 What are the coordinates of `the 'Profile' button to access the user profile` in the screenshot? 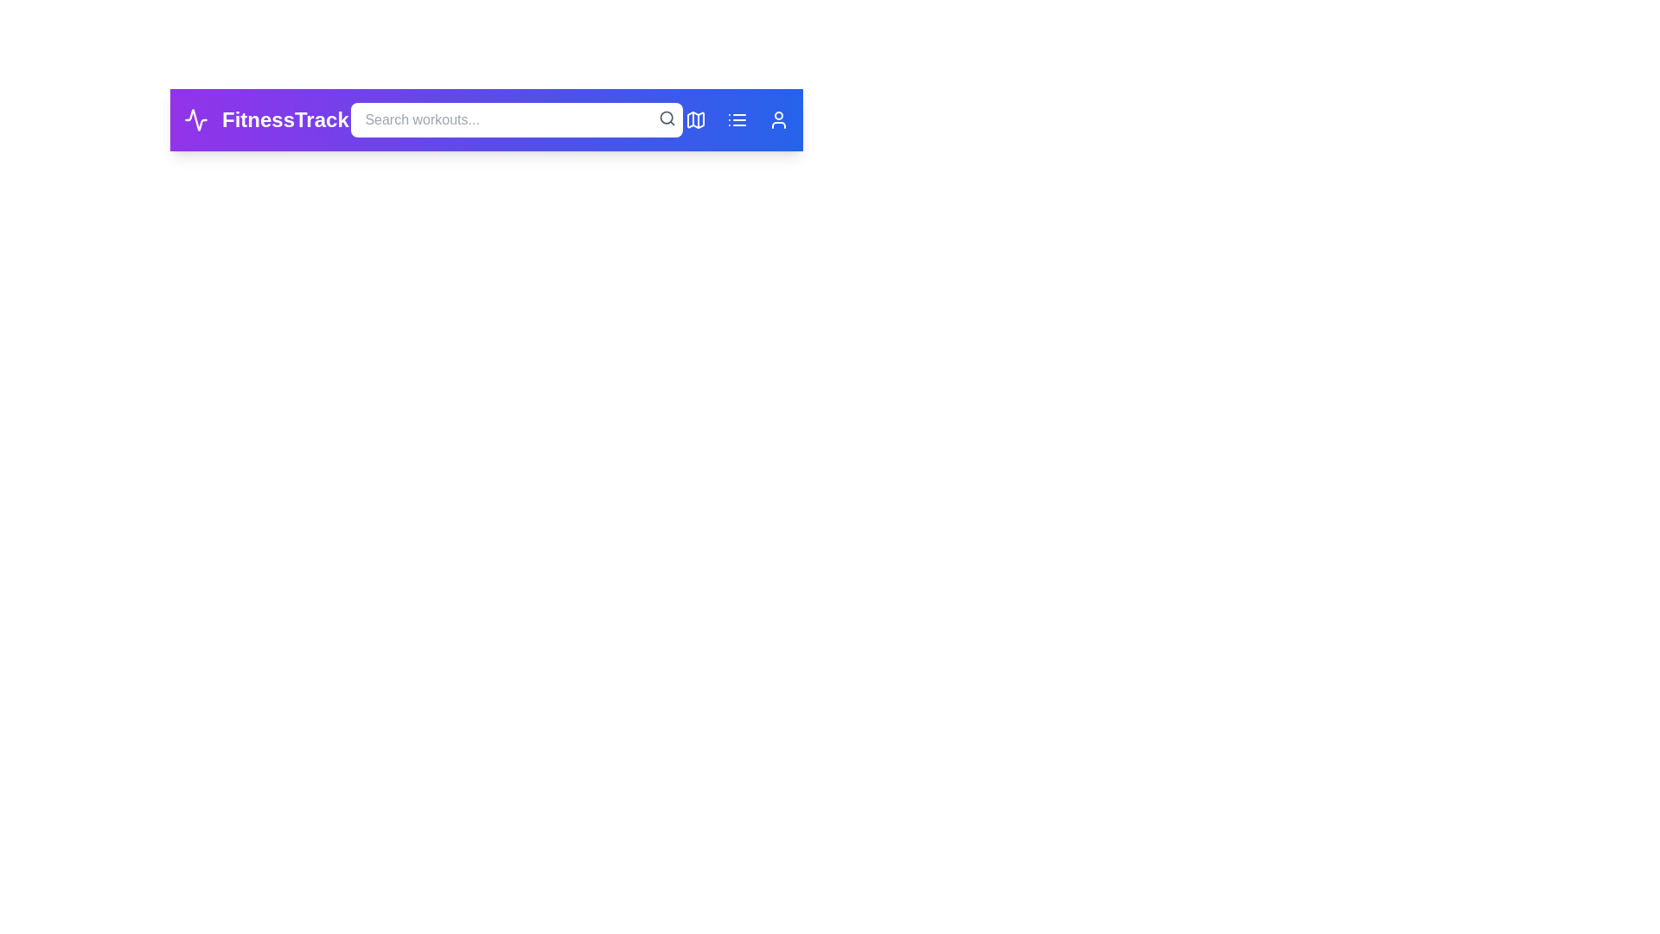 It's located at (778, 118).